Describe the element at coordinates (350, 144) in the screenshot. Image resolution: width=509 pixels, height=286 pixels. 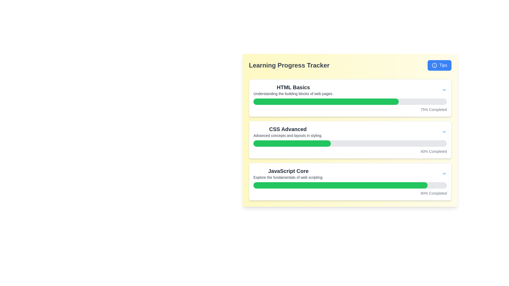
I see `progress bar located beneath the text 'CSS Advanced' and above the '40% Completed' label, which is characterized by a light gray background and a green filled portion representing 40% completion` at that location.